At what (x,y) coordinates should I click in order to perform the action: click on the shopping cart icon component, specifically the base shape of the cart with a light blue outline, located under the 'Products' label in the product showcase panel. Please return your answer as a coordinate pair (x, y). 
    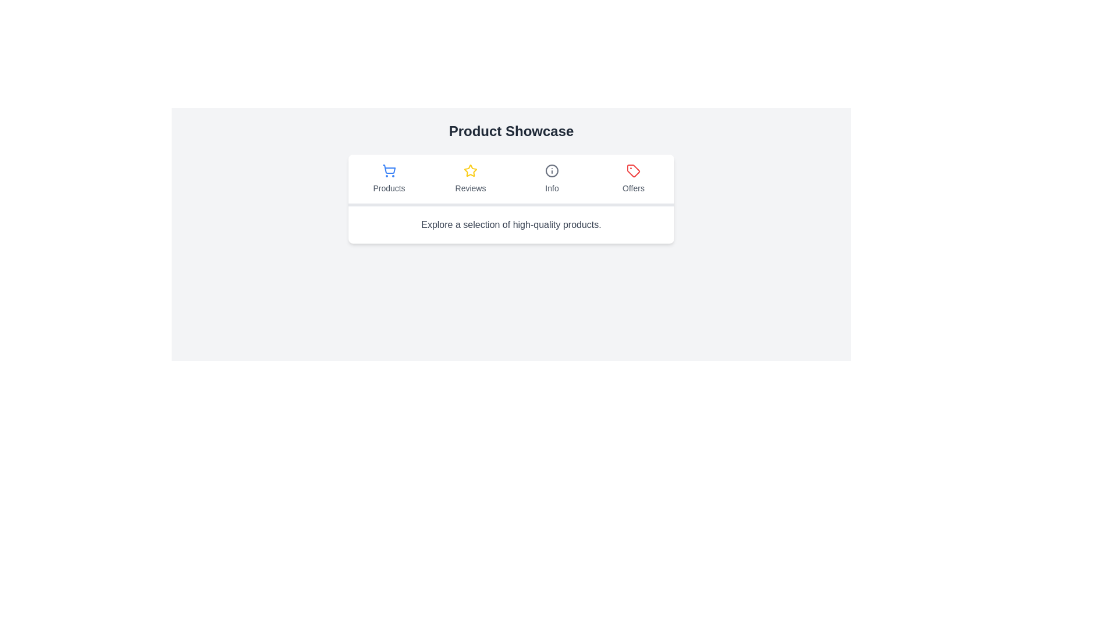
    Looking at the image, I should click on (389, 169).